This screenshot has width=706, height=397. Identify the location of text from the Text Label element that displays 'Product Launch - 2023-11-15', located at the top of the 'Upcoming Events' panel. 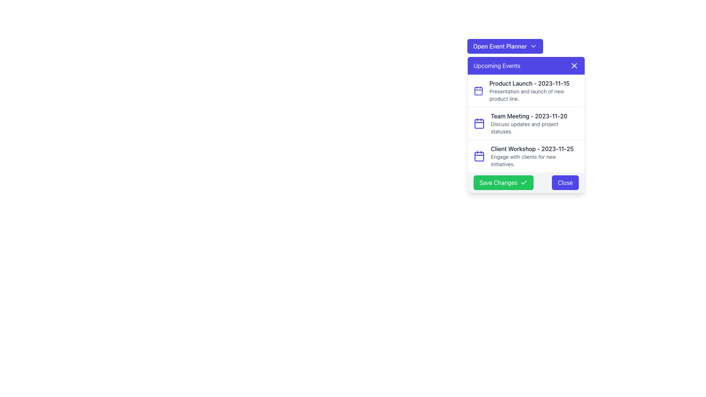
(534, 83).